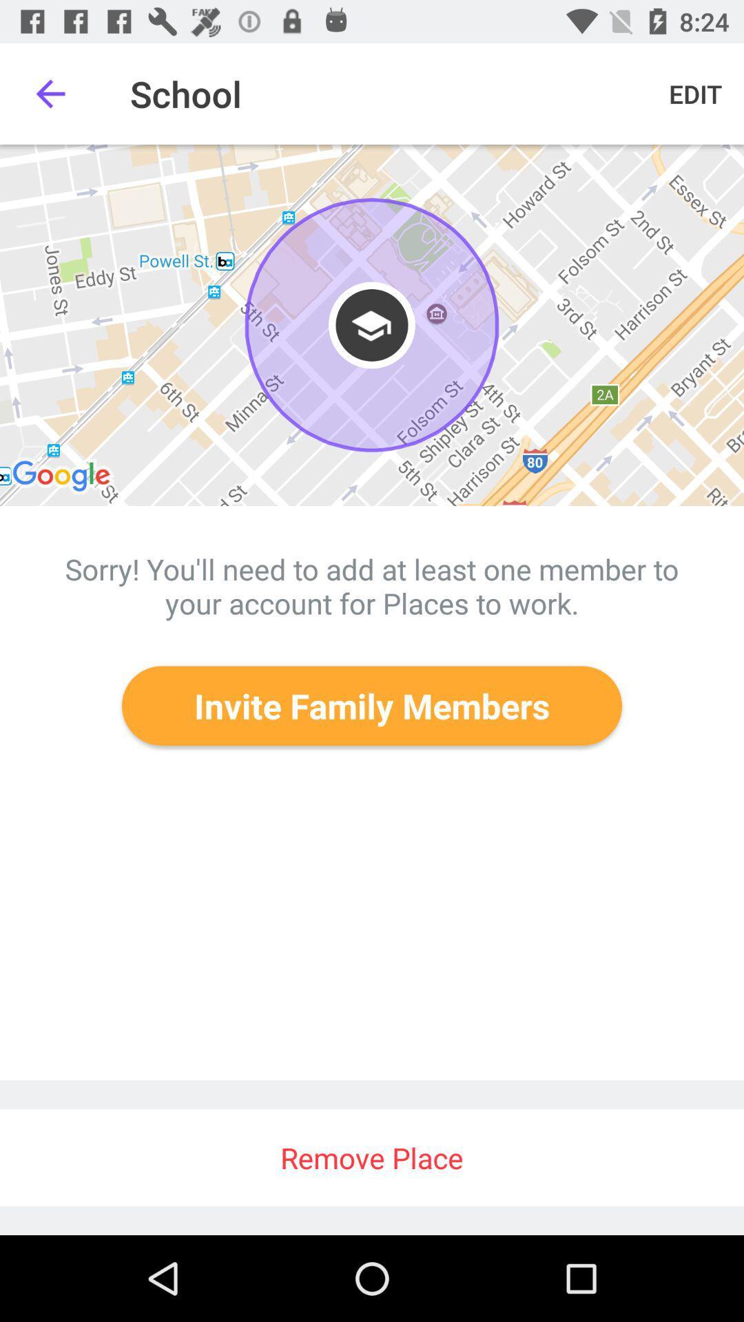 Image resolution: width=744 pixels, height=1322 pixels. What do you see at coordinates (372, 706) in the screenshot?
I see `item below sorry you ll icon` at bounding box center [372, 706].